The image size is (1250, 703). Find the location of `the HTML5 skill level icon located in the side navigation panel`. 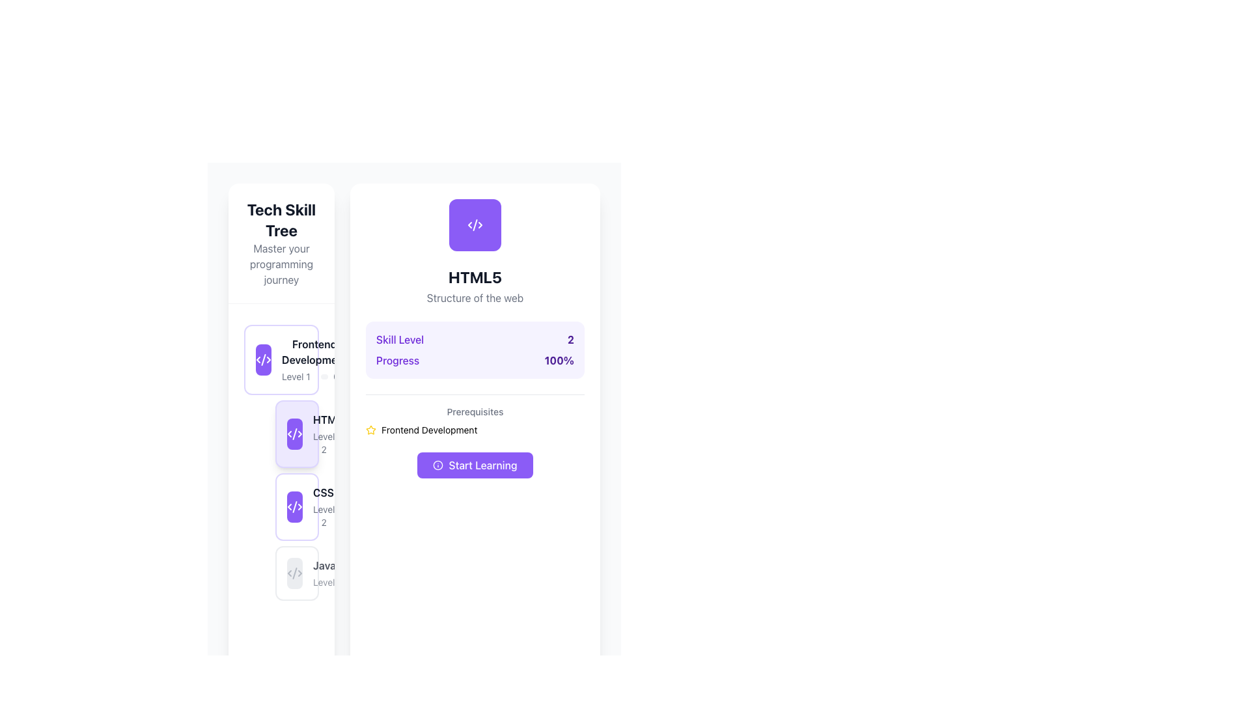

the HTML5 skill level icon located in the side navigation panel is located at coordinates (294, 434).